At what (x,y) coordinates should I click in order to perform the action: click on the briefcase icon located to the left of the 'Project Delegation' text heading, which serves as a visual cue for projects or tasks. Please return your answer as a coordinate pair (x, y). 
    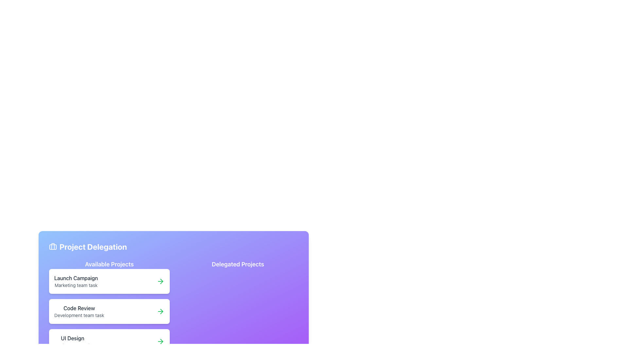
    Looking at the image, I should click on (53, 247).